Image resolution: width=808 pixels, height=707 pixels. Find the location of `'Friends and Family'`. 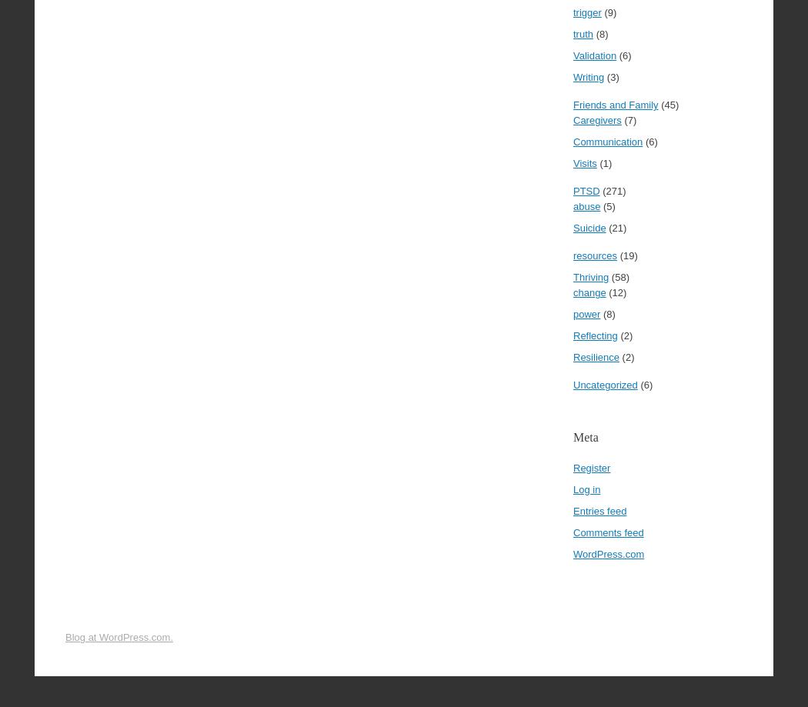

'Friends and Family' is located at coordinates (614, 104).